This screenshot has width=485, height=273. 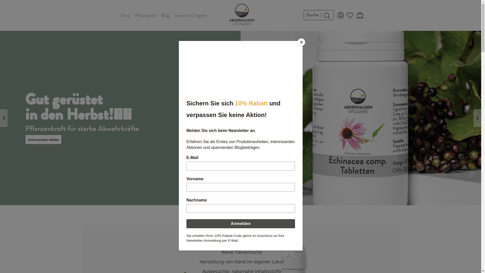 What do you see at coordinates (165, 15) in the screenshot?
I see `'Blog'` at bounding box center [165, 15].